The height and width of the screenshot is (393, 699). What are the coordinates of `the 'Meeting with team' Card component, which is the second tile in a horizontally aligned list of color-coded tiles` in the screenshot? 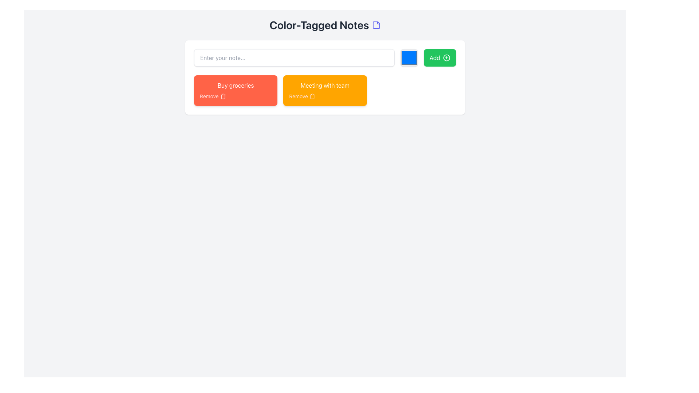 It's located at (324, 90).